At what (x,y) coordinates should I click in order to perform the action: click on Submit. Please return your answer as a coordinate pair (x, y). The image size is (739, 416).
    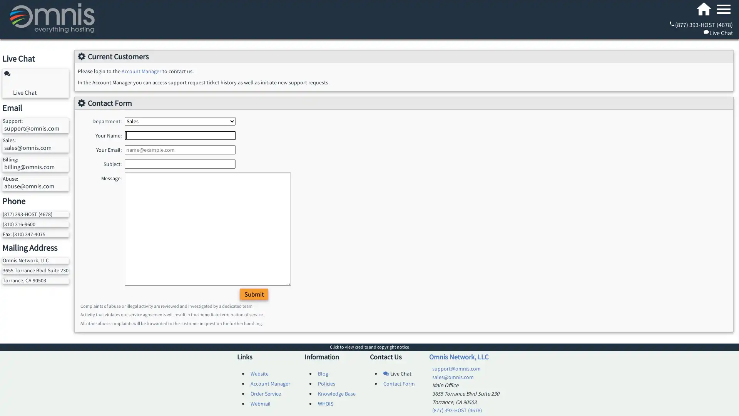
    Looking at the image, I should click on (254, 294).